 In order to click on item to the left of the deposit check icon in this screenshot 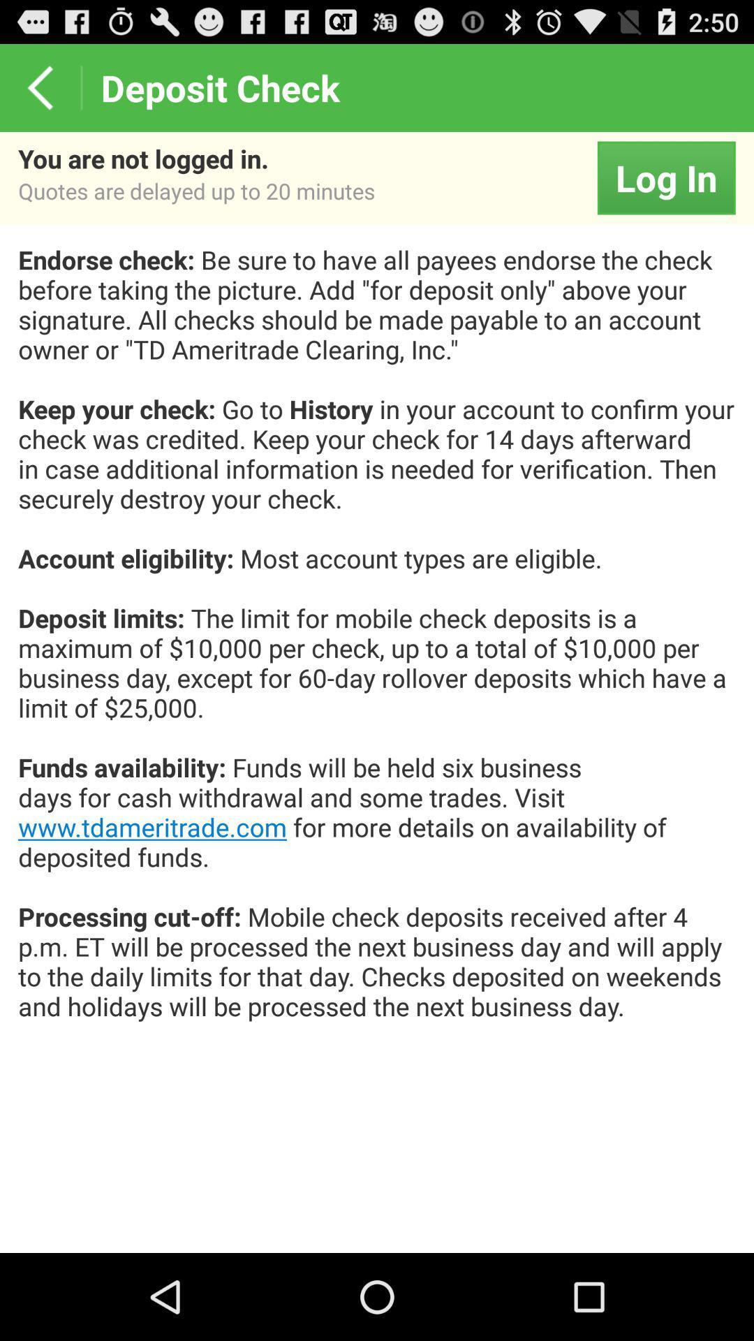, I will do `click(39, 87)`.